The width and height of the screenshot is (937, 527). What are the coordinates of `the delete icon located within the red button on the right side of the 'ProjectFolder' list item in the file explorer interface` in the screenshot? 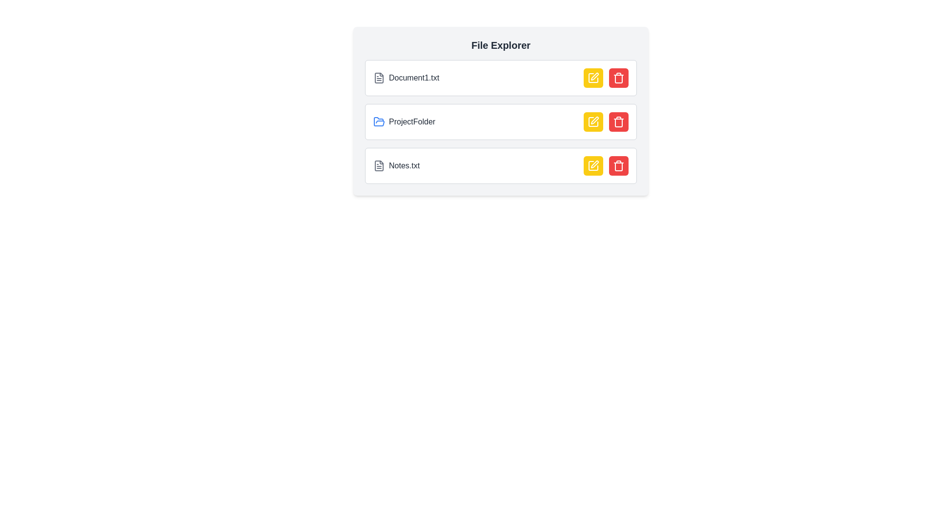 It's located at (618, 122).